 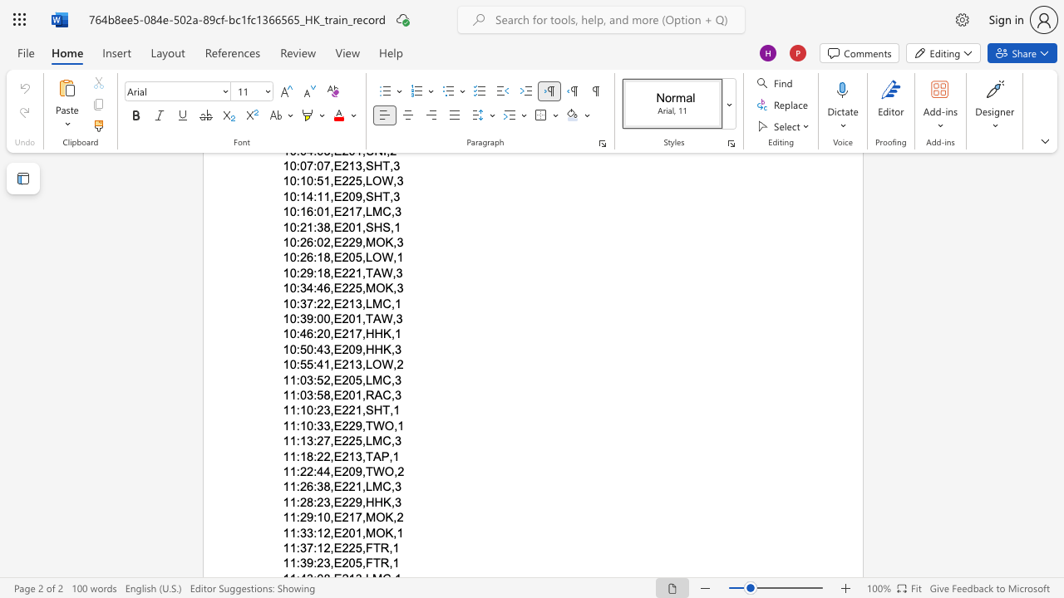 I want to click on the subset text "1:18:22" within the text "11:18:22,E213,TAP,1", so click(x=289, y=456).